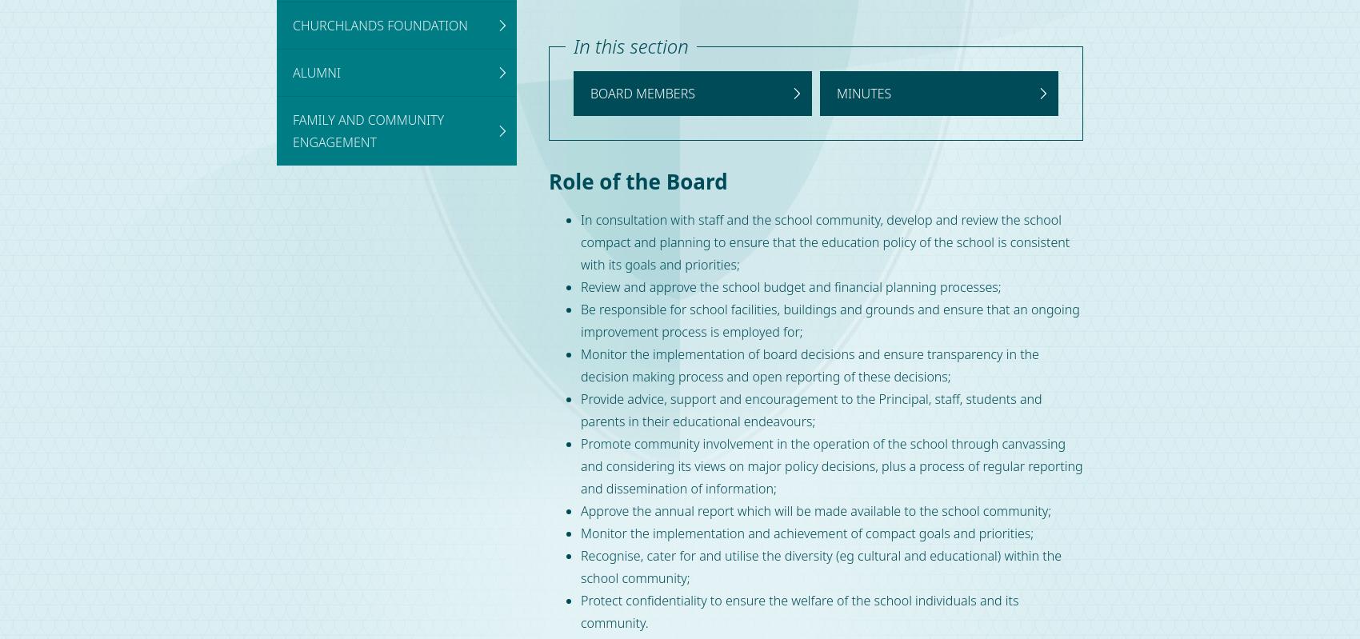 This screenshot has width=1360, height=639. Describe the element at coordinates (581, 286) in the screenshot. I see `'Review and approve the school budget and financial planning processes;'` at that location.